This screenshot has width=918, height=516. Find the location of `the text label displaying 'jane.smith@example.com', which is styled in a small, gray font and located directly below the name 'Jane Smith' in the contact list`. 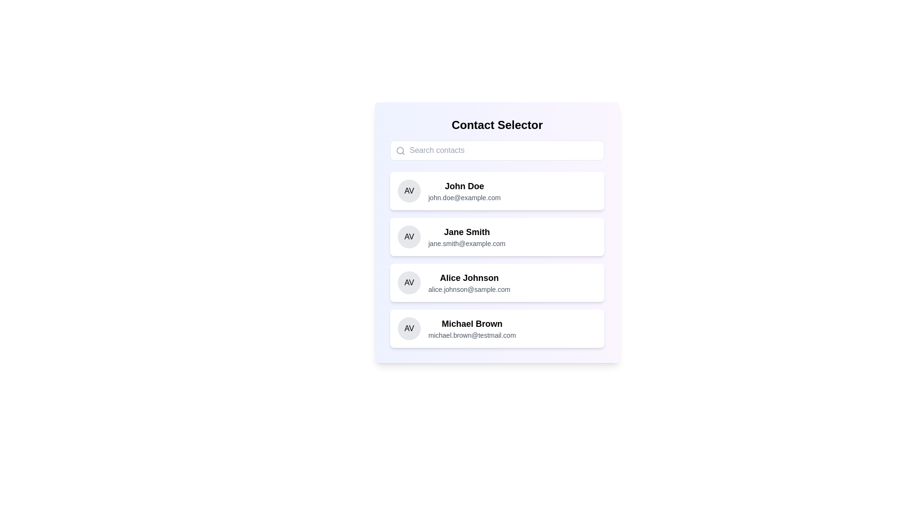

the text label displaying 'jane.smith@example.com', which is styled in a small, gray font and located directly below the name 'Jane Smith' in the contact list is located at coordinates (467, 243).